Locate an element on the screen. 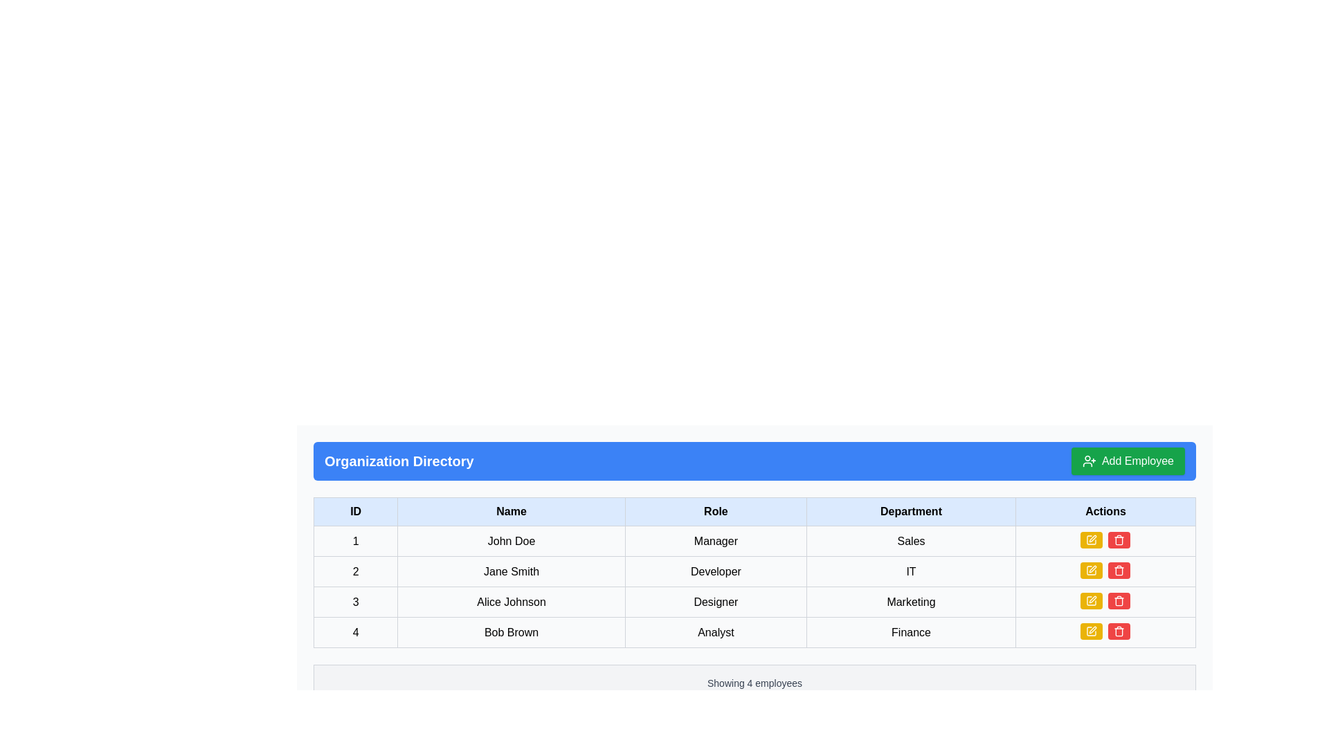 This screenshot has width=1329, height=747. the static text element indicating the role of the person in the fourth row of the table, located under the 'Role' column, between 'Bob Brown' and 'Finance' is located at coordinates (716, 632).